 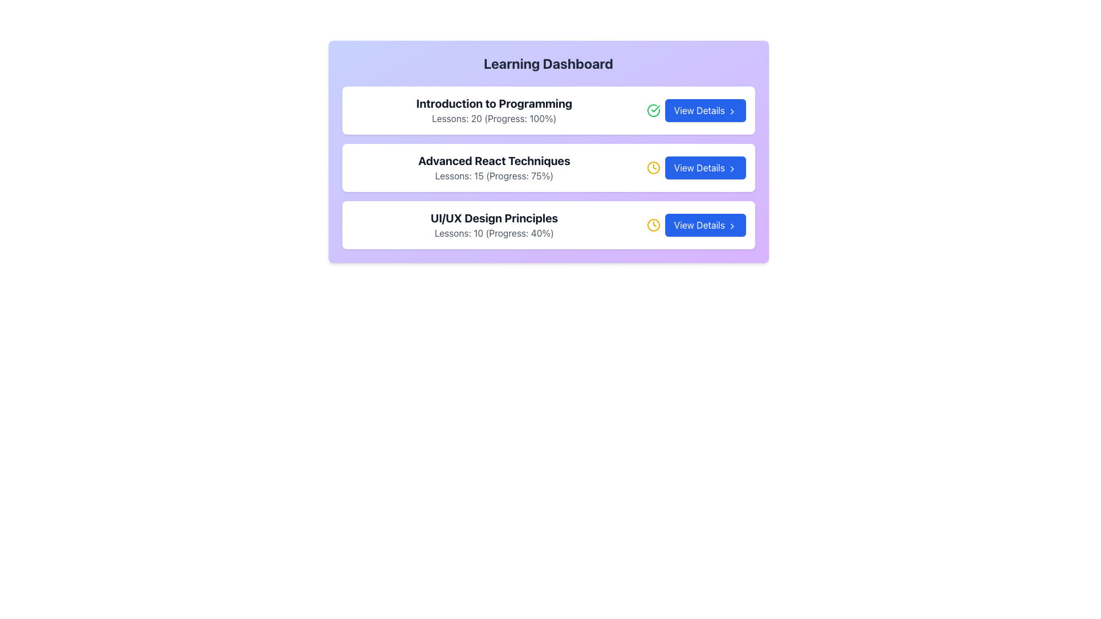 What do you see at coordinates (494, 225) in the screenshot?
I see `the central text area of the third row that displays 'UI/UX Design Principles' in bold dark gray font, with 'Lessons: 10 (Progress: 40%)' below it` at bounding box center [494, 225].